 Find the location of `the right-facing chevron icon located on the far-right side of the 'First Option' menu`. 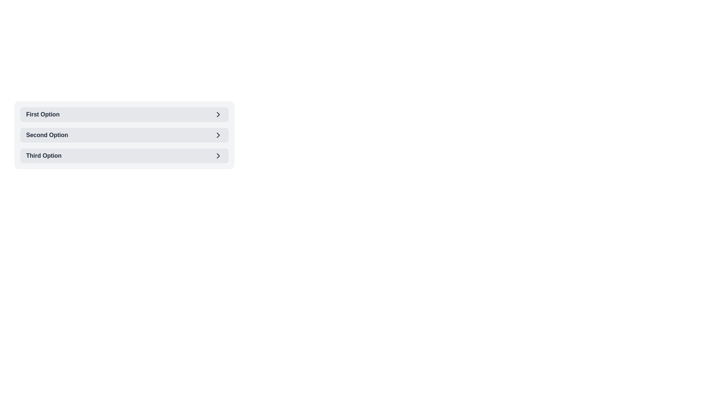

the right-facing chevron icon located on the far-right side of the 'First Option' menu is located at coordinates (218, 115).